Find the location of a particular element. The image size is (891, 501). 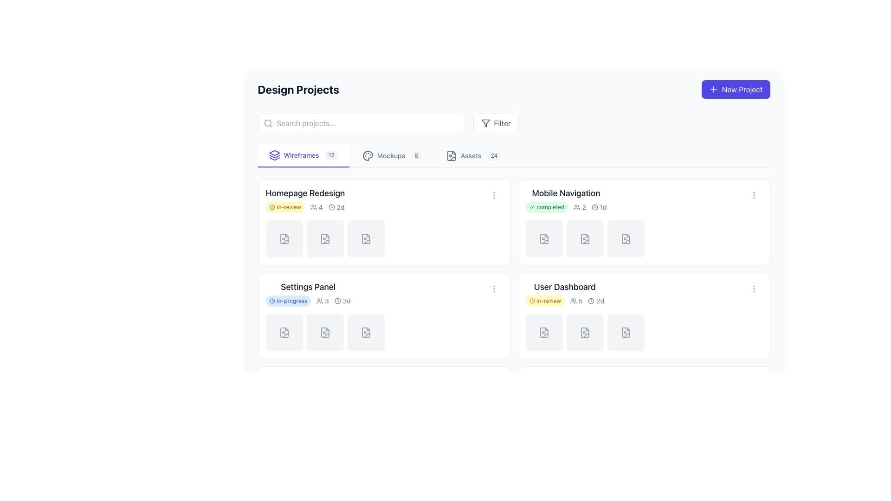

the second icon in the 'Settings Panel' section that serves as a visual indicator of a file item related to an image is located at coordinates (325, 332).